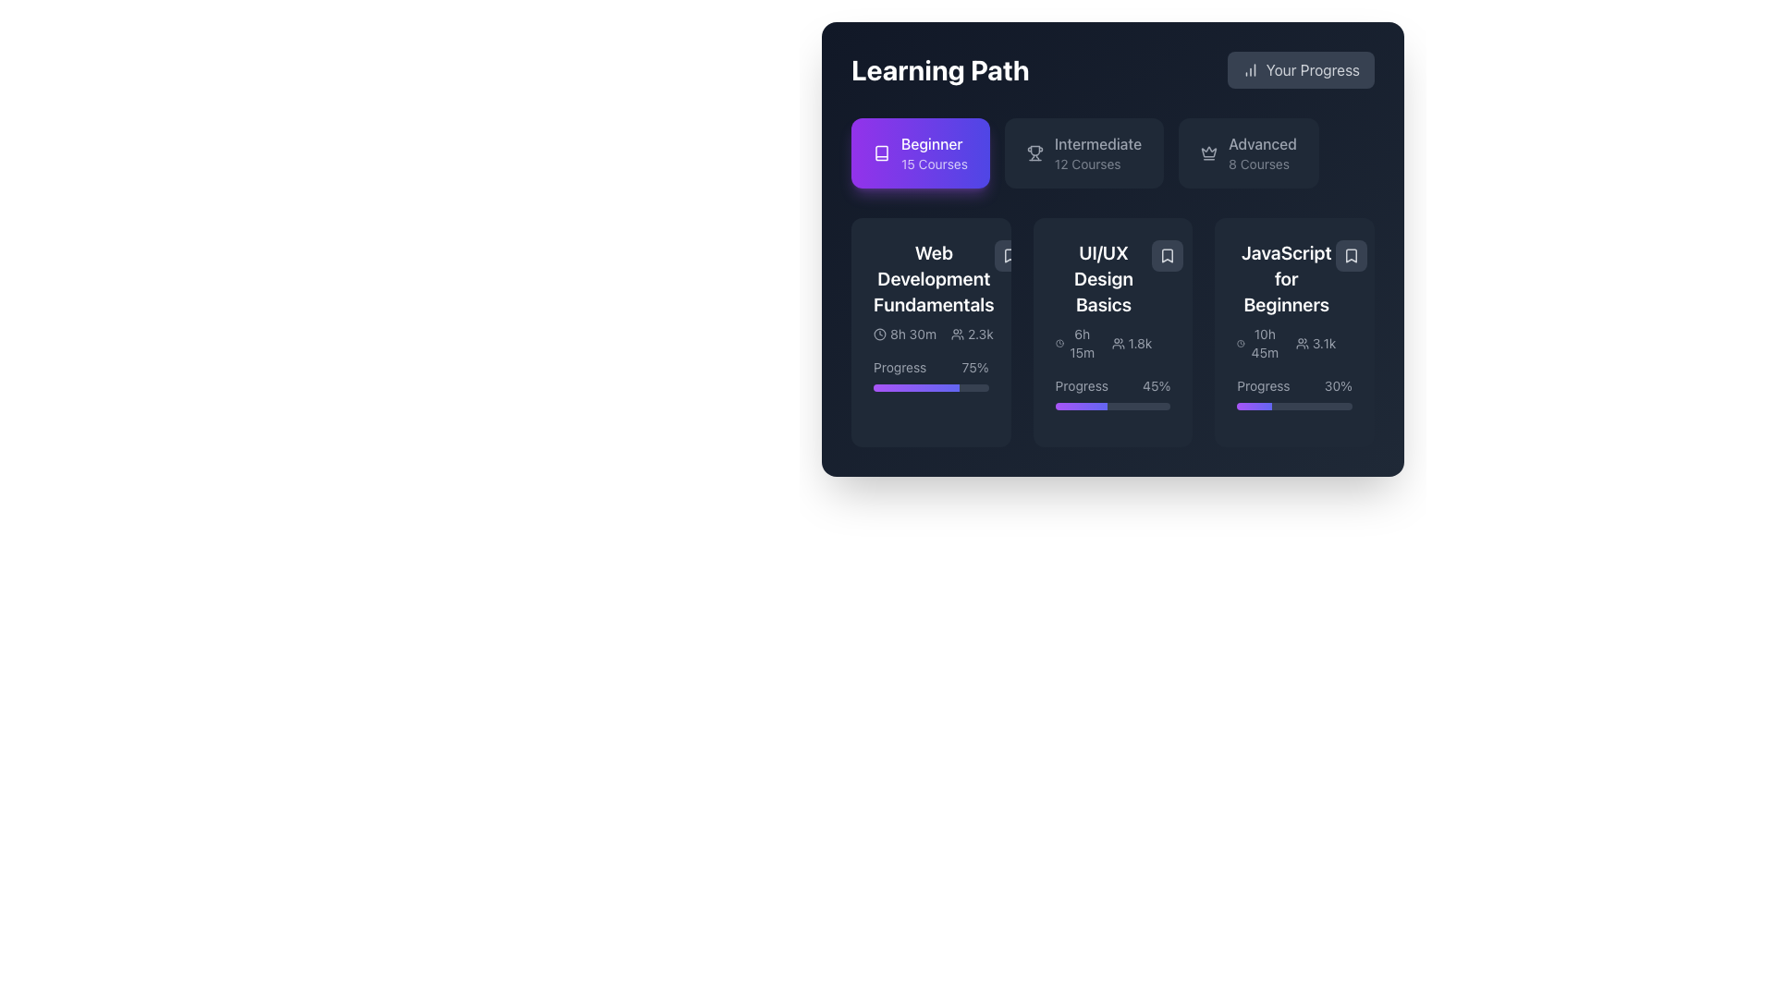 Image resolution: width=1775 pixels, height=998 pixels. I want to click on the progress bar segment that is a rectangular indicator styled with a gradient from purple to indigo, representing a 30% fill, located in the last column of the course cards grid under the 'Progress: 30%' label for 'JavaScript for Beginners', so click(1255, 405).